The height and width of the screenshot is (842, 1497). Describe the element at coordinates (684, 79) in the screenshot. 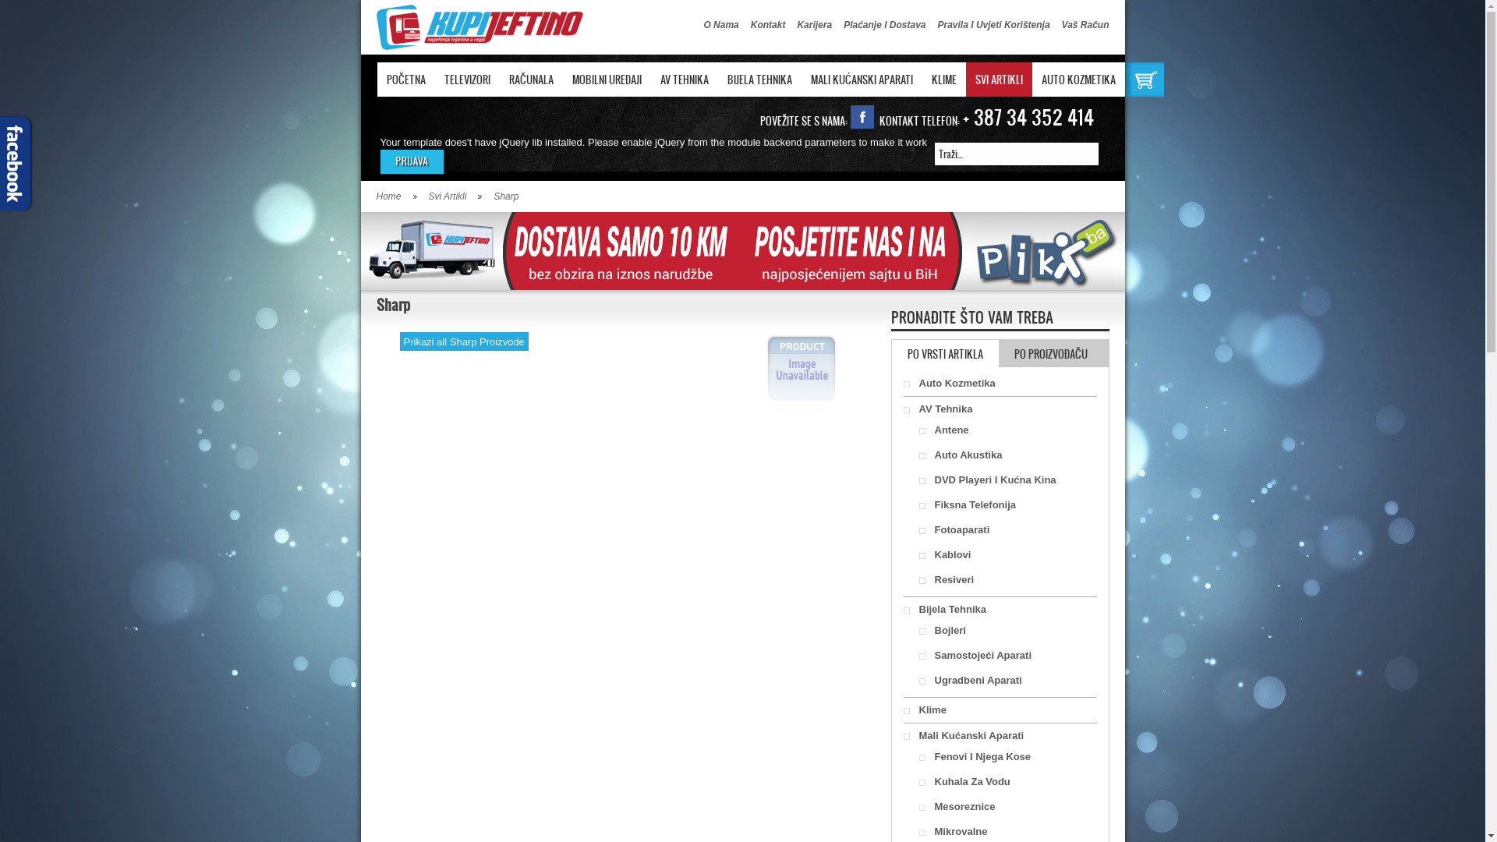

I see `'AV TEHNIKA'` at that location.